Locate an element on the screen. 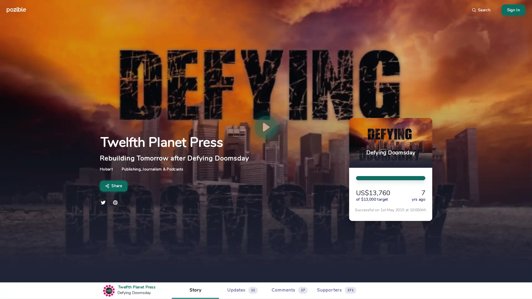 This screenshot has height=299, width=532. Search is located at coordinates (480, 10).